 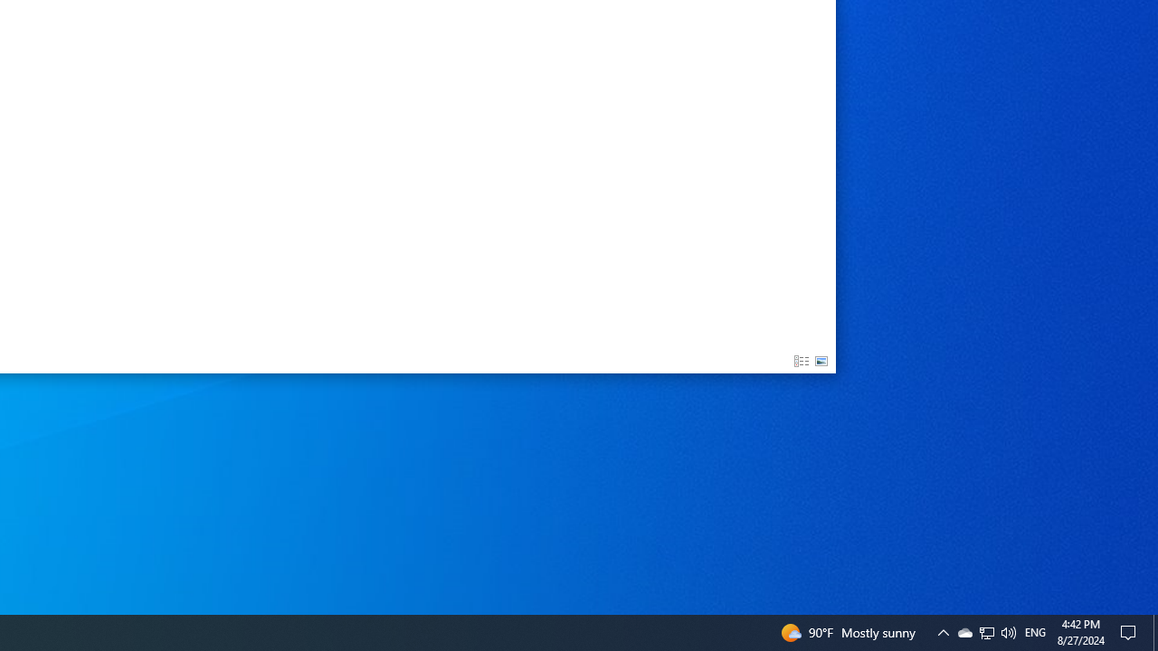 What do you see at coordinates (821, 362) in the screenshot?
I see `'Large Icons'` at bounding box center [821, 362].